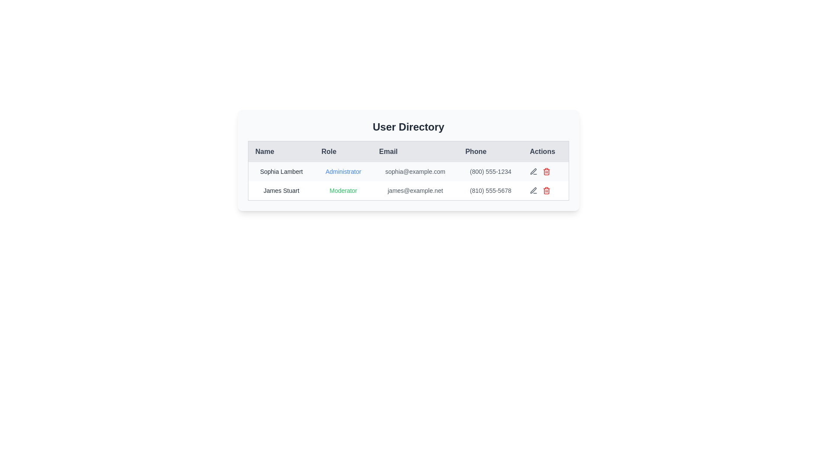 The image size is (831, 467). What do you see at coordinates (490, 190) in the screenshot?
I see `the phone number text label '(810) 555-5678' located in the 'Phone' column of the second row for user 'James Stuart'` at bounding box center [490, 190].